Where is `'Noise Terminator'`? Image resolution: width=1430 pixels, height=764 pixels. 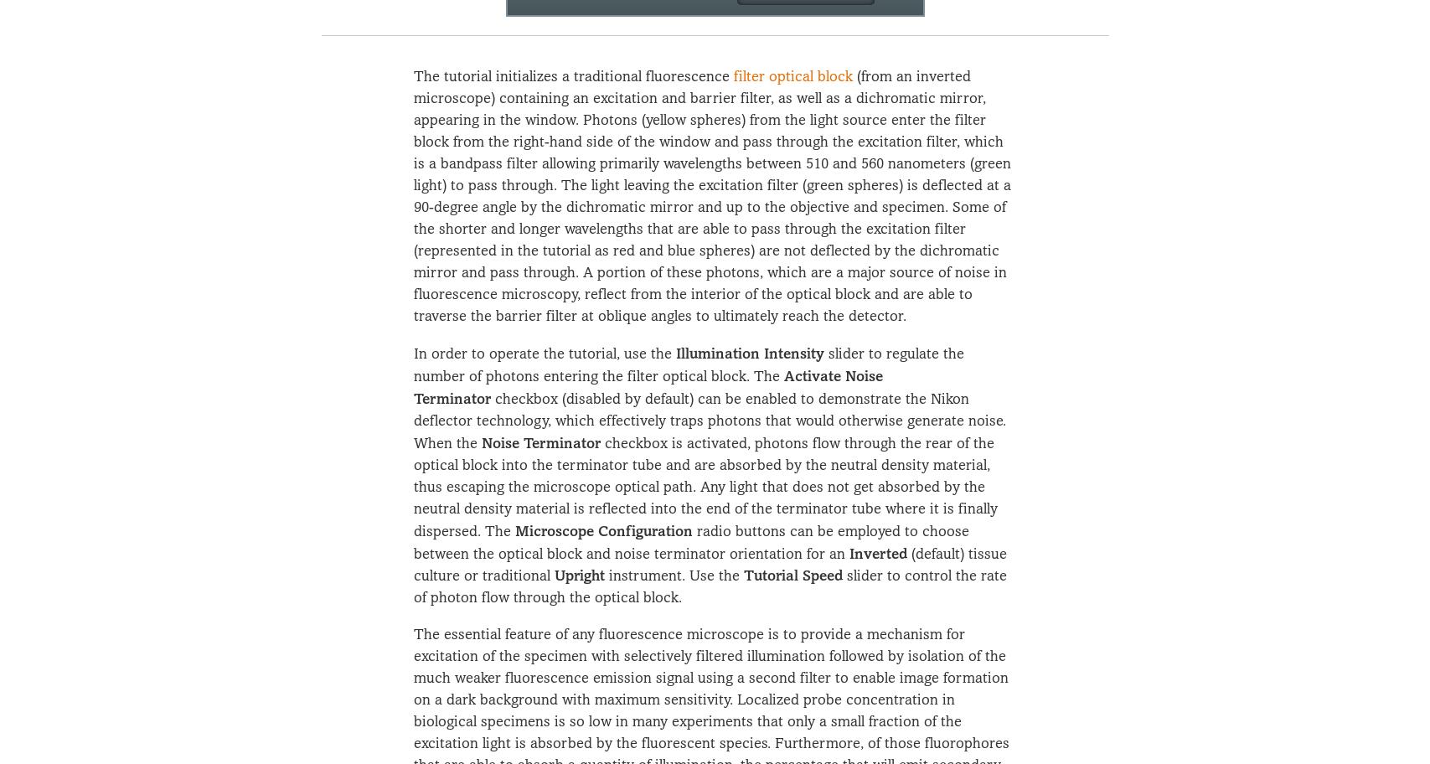 'Noise Terminator' is located at coordinates (481, 441).